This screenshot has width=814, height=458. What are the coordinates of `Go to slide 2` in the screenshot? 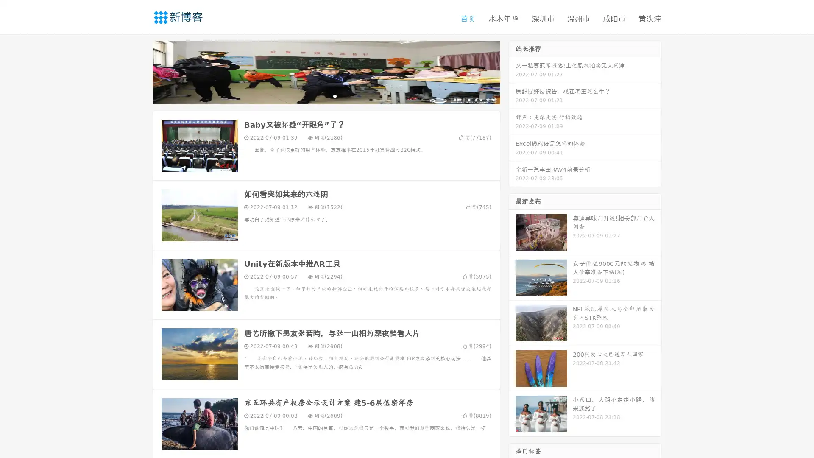 It's located at (326, 95).